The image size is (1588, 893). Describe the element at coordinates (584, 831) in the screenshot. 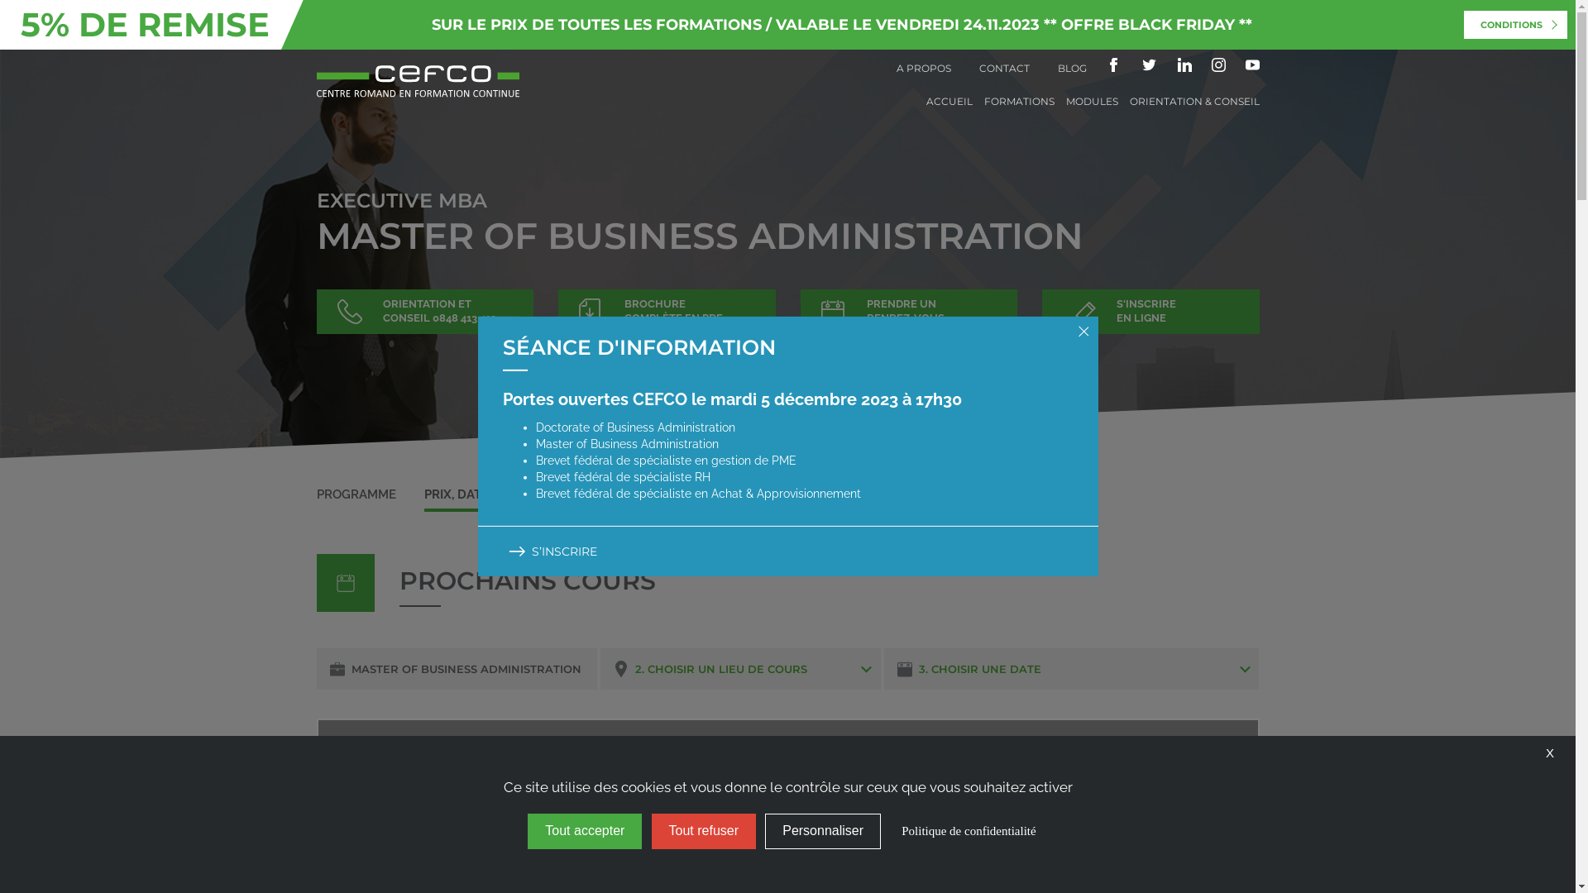

I see `'Tout accepter'` at that location.